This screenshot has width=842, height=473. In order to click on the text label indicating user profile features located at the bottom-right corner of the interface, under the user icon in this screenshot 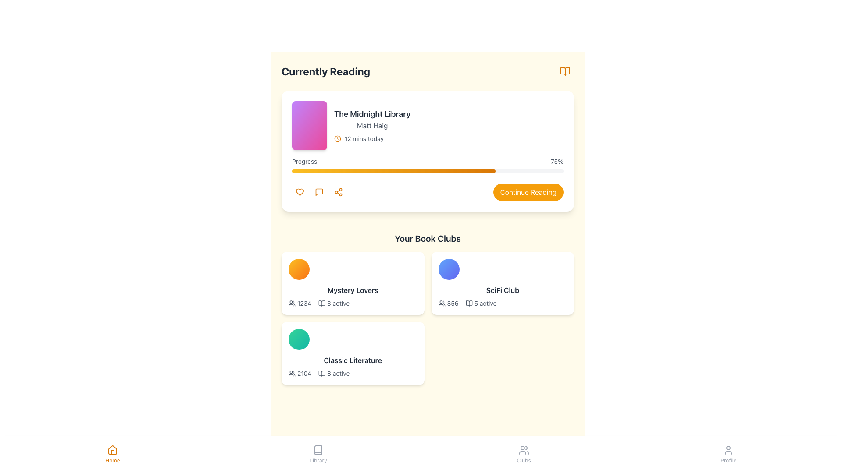, I will do `click(728, 460)`.